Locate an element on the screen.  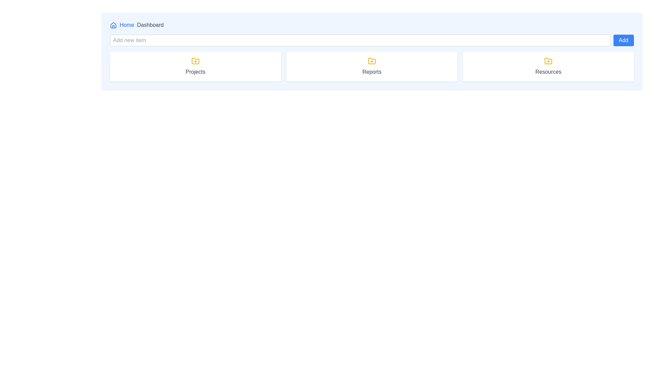
the button labeled 'Resources', which features a yellow folder icon with a plus symbol and gray text below it, to possibly reveal additional details is located at coordinates (548, 67).